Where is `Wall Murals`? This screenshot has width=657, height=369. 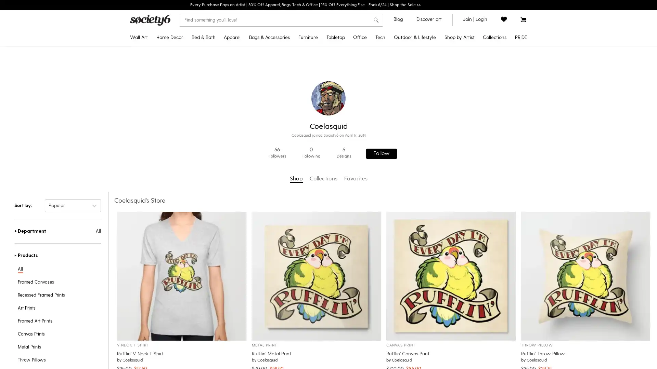
Wall Murals is located at coordinates (182, 176).